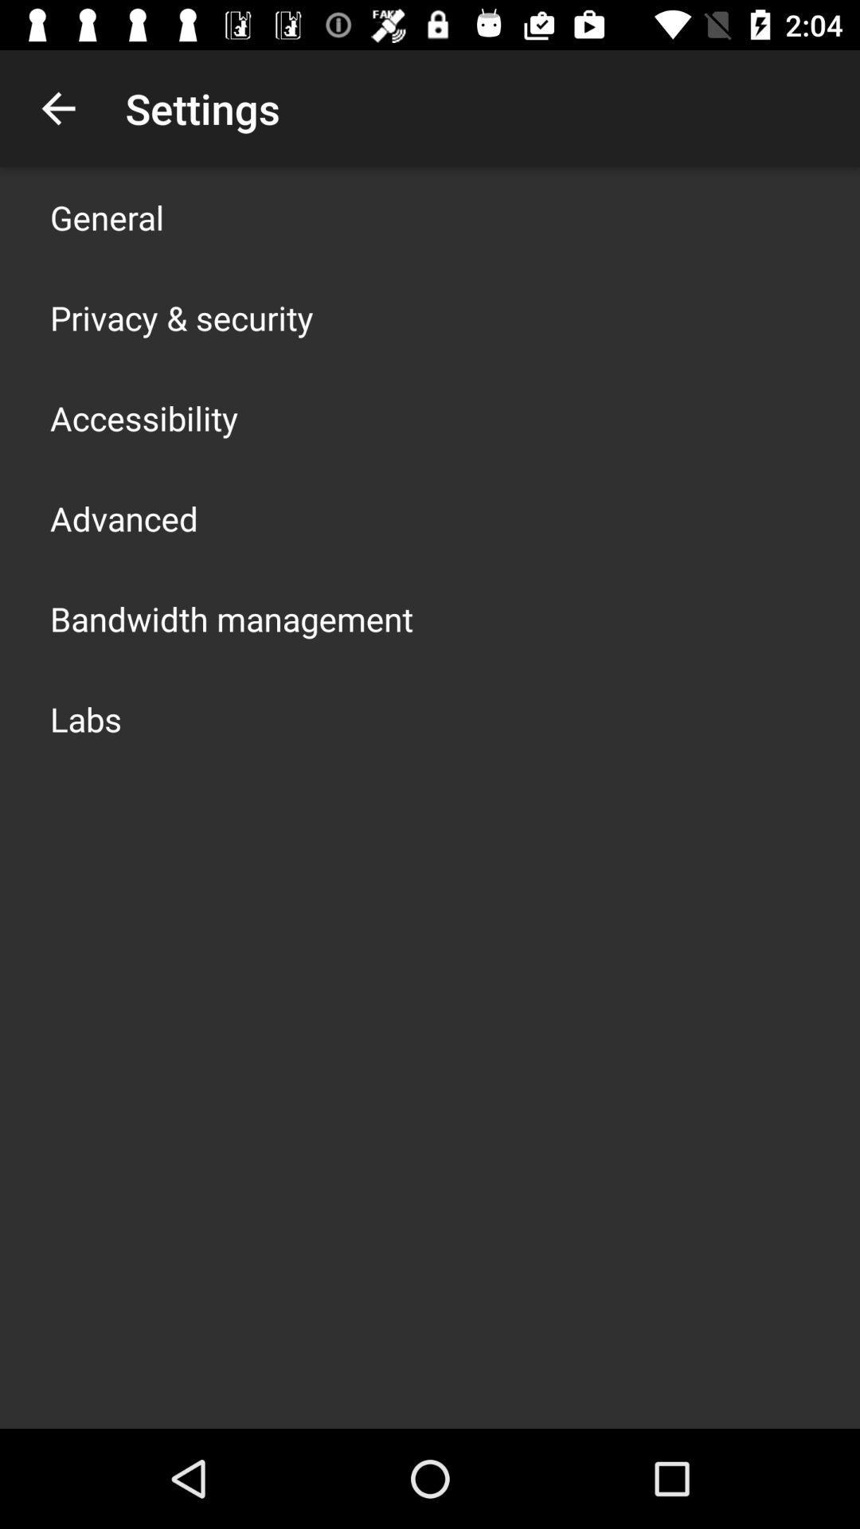  What do you see at coordinates (144, 417) in the screenshot?
I see `accessibility item` at bounding box center [144, 417].